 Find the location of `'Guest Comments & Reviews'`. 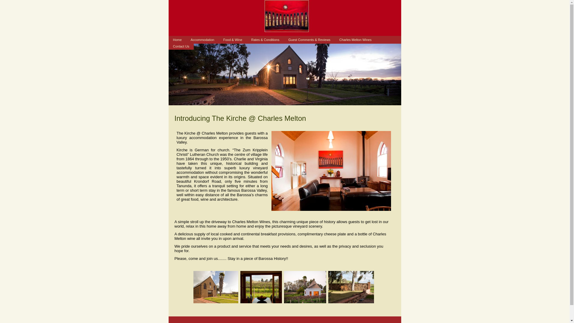

'Guest Comments & Reviews' is located at coordinates (309, 39).